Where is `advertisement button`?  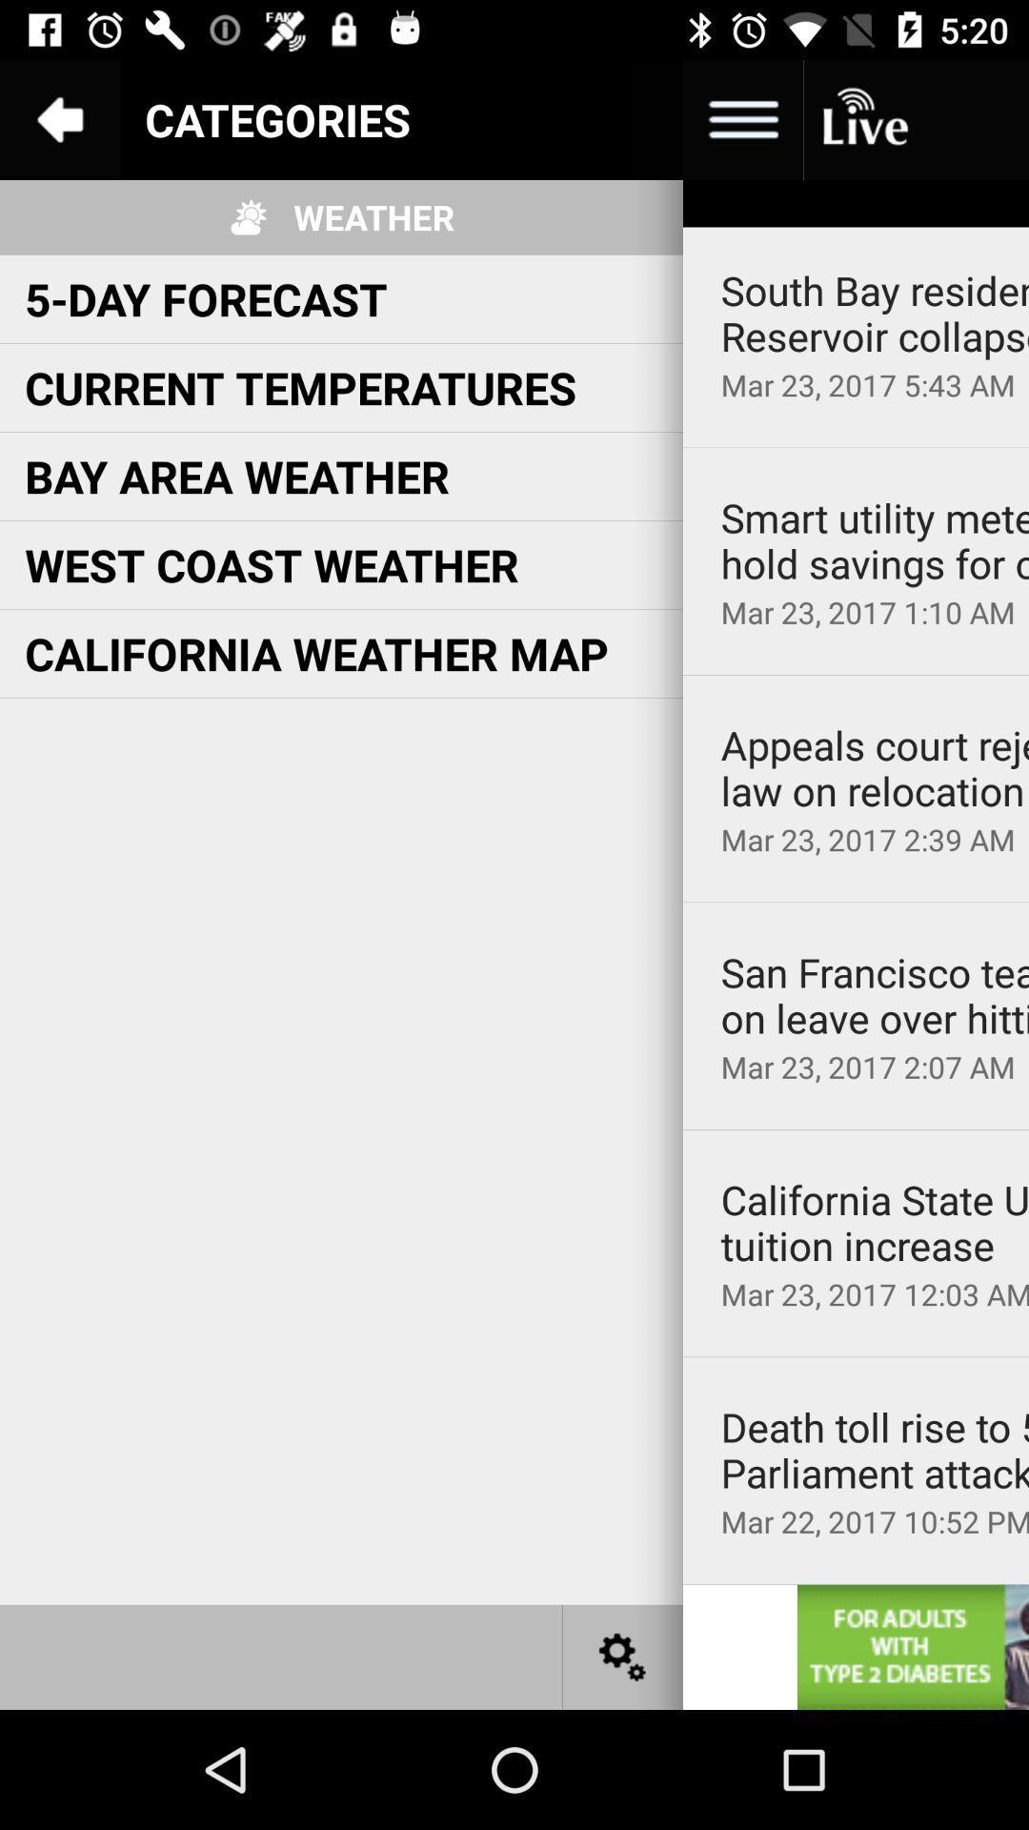 advertisement button is located at coordinates (912, 1646).